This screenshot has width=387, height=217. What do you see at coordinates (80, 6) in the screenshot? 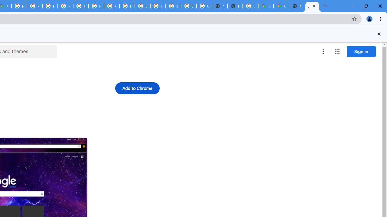
I see `'YouTube'` at bounding box center [80, 6].